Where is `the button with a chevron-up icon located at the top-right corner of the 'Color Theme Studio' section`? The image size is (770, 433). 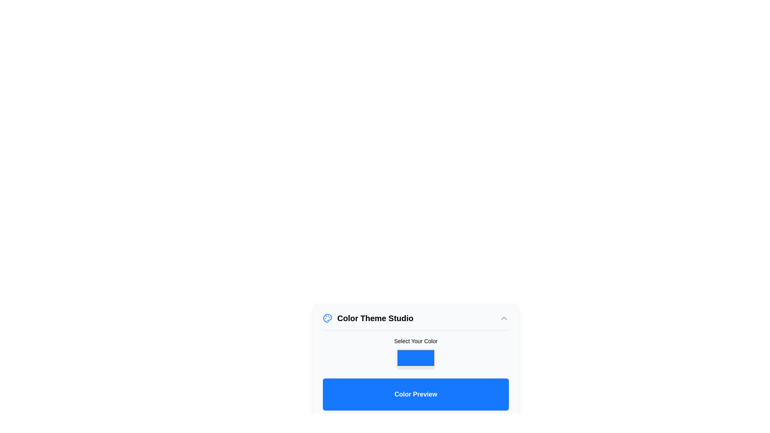
the button with a chevron-up icon located at the top-right corner of the 'Color Theme Studio' section is located at coordinates (504, 318).